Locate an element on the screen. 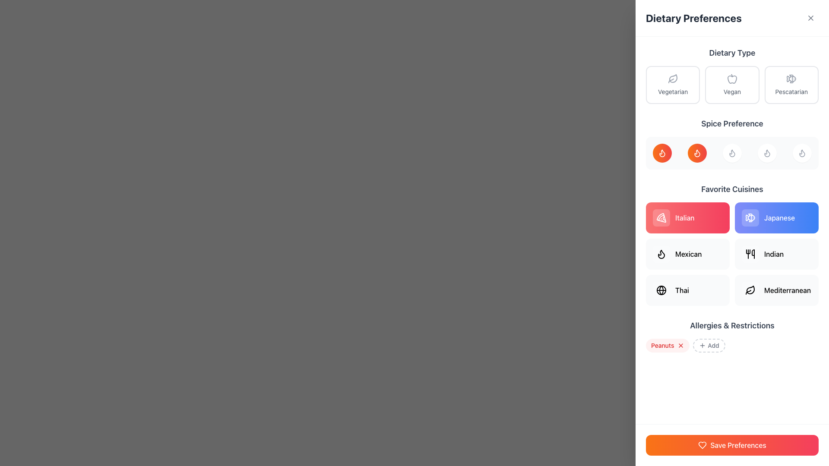 The image size is (829, 466). the spice preference icon located in the 'Spice Preference' section under the 'Dietary Preferences' tab is located at coordinates (801, 152).